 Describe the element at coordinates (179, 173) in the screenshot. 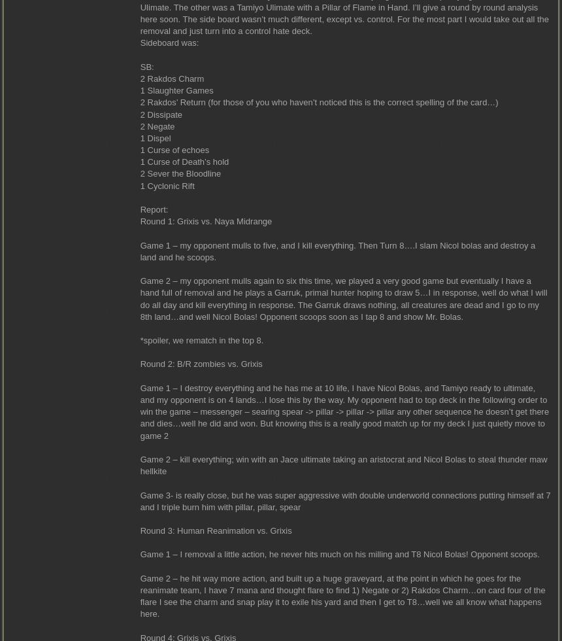

I see `'2 Sever the Bloodline'` at that location.